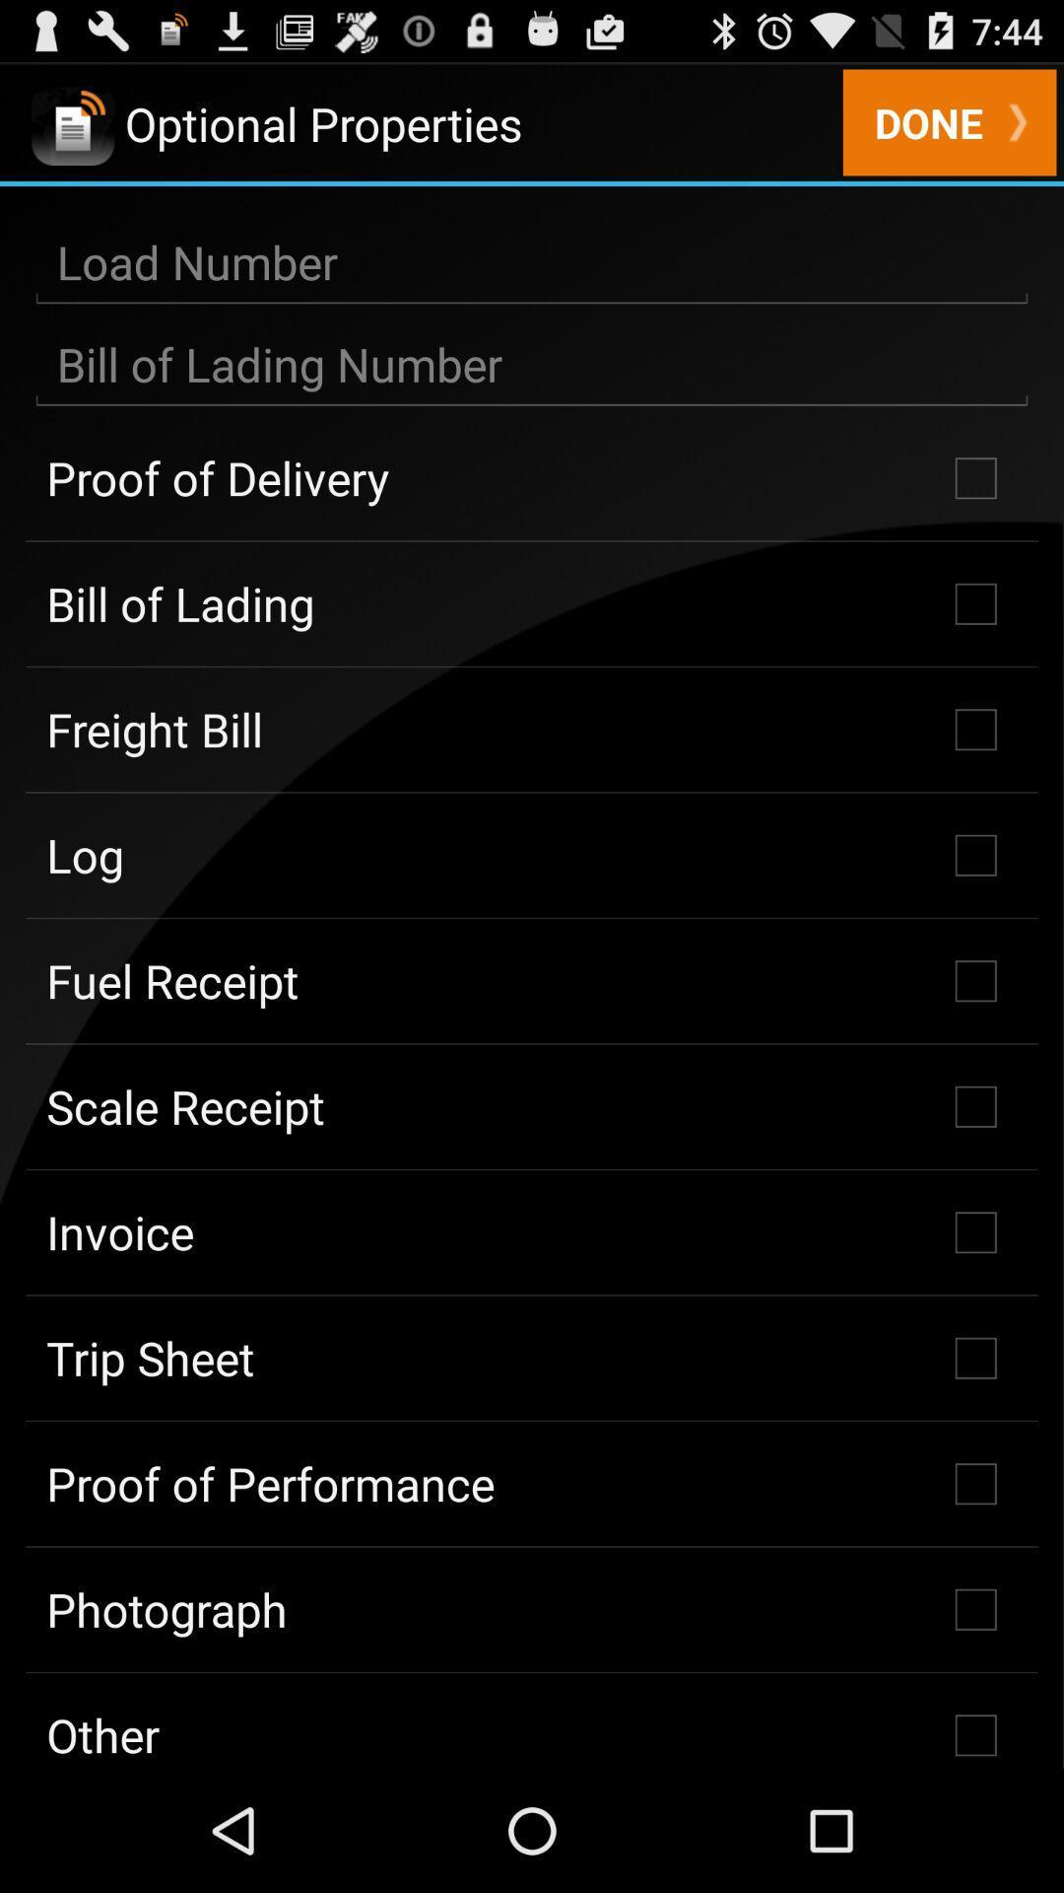 The width and height of the screenshot is (1064, 1893). What do you see at coordinates (532, 1609) in the screenshot?
I see `checkbox above the other` at bounding box center [532, 1609].